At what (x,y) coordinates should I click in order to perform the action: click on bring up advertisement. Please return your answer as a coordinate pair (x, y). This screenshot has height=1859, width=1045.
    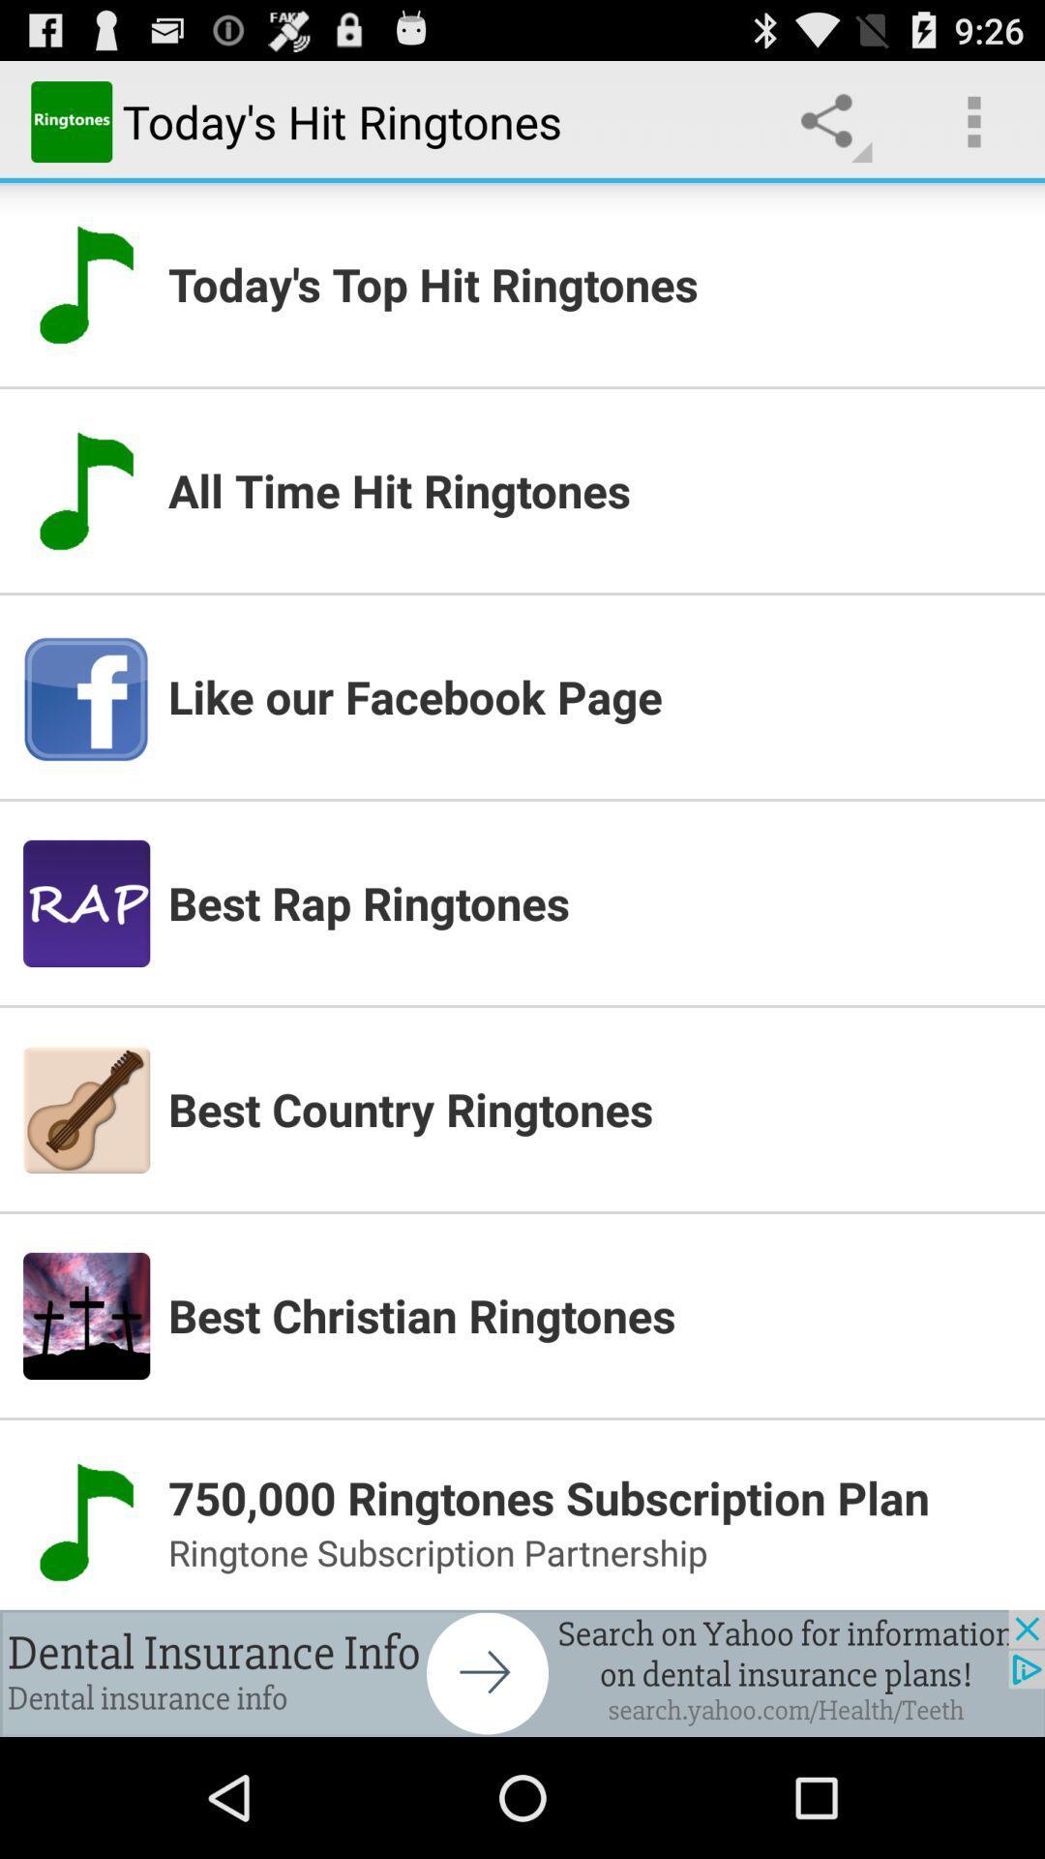
    Looking at the image, I should click on (522, 1672).